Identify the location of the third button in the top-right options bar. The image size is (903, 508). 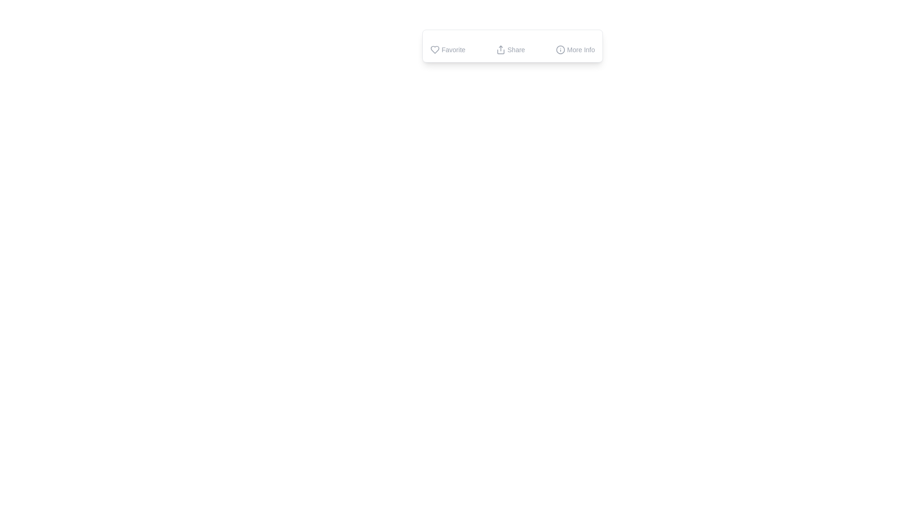
(575, 49).